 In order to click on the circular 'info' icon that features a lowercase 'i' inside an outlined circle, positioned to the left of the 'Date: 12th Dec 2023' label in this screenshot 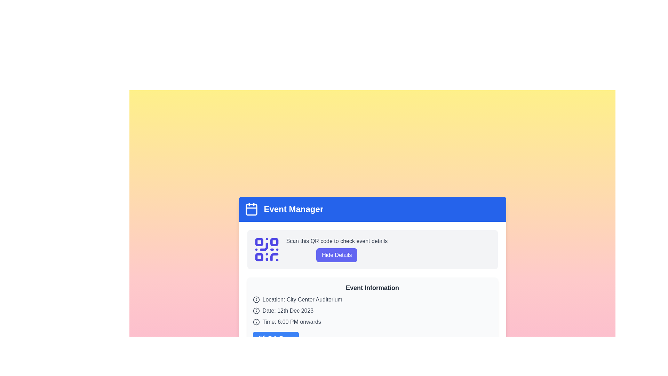, I will do `click(256, 311)`.